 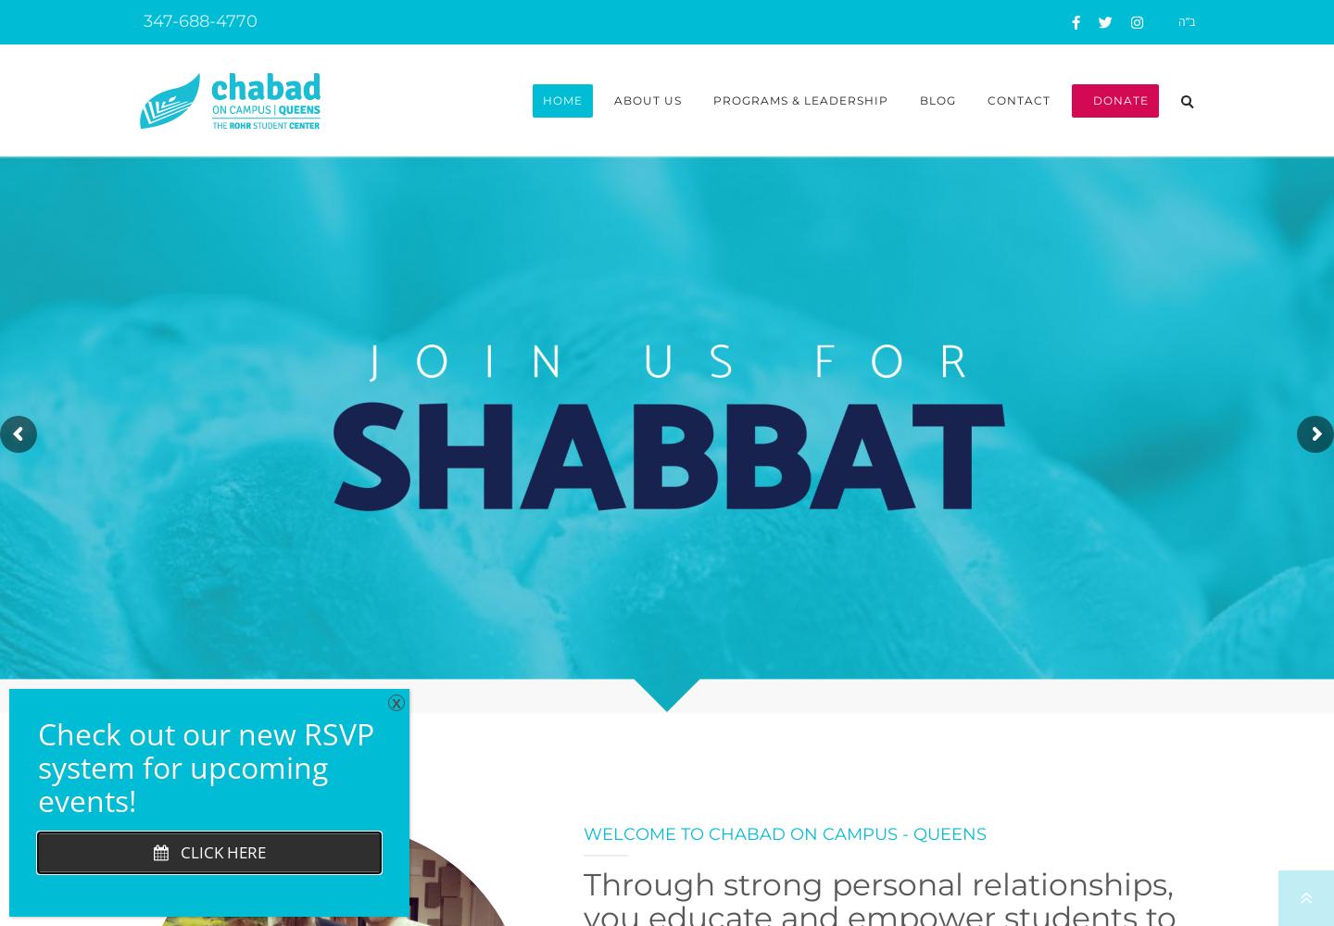 I want to click on '347-688-4770', so click(x=197, y=21).